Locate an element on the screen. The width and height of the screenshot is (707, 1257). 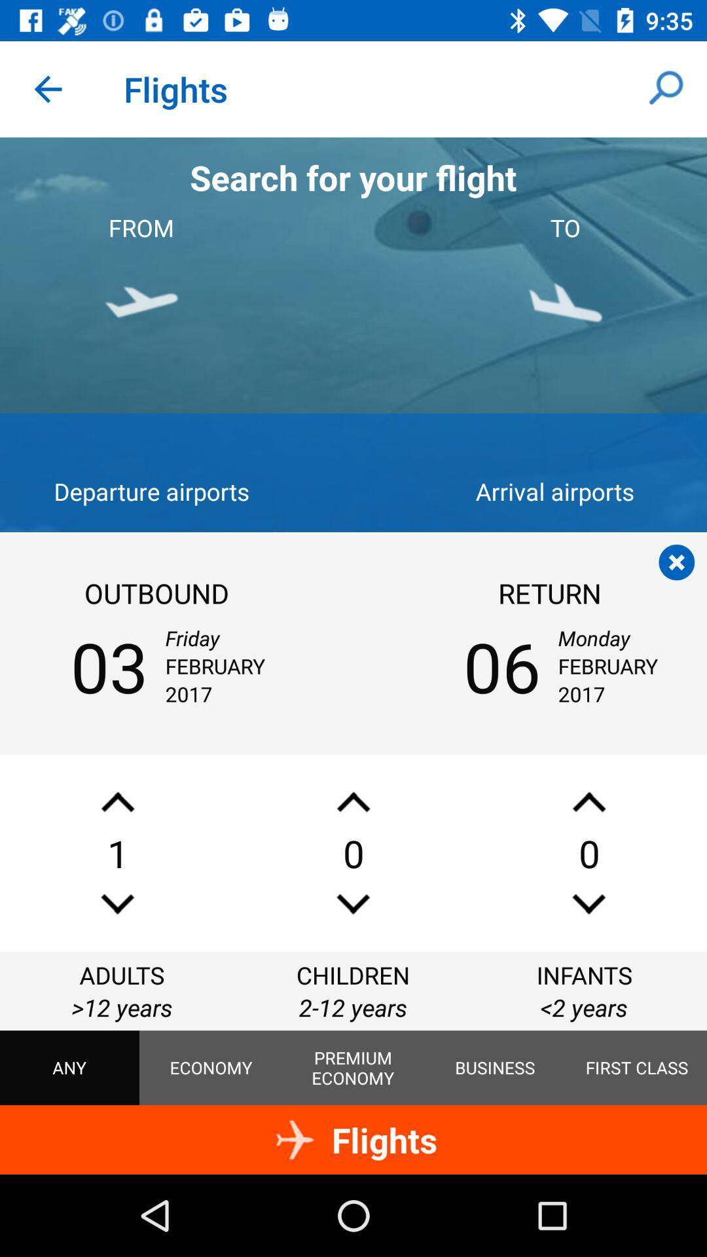
decrease number is located at coordinates (118, 903).